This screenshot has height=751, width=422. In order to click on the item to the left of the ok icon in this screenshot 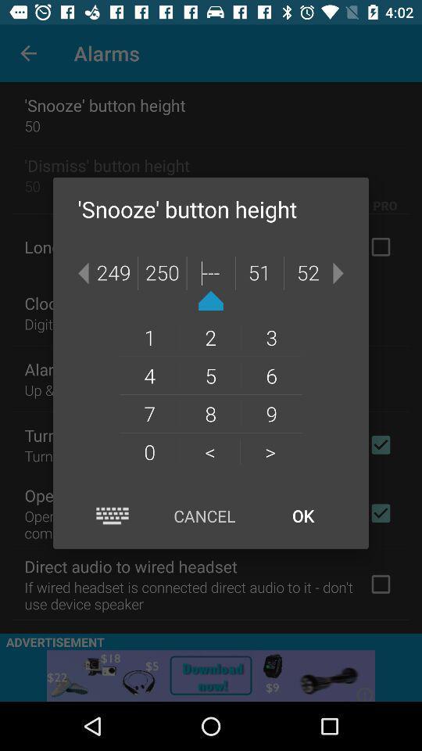, I will do `click(204, 515)`.